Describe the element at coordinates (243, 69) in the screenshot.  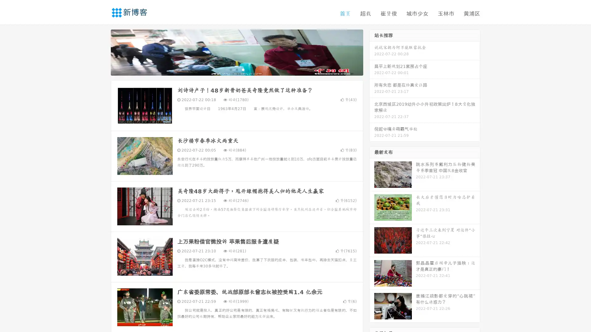
I see `Go to slide 3` at that location.